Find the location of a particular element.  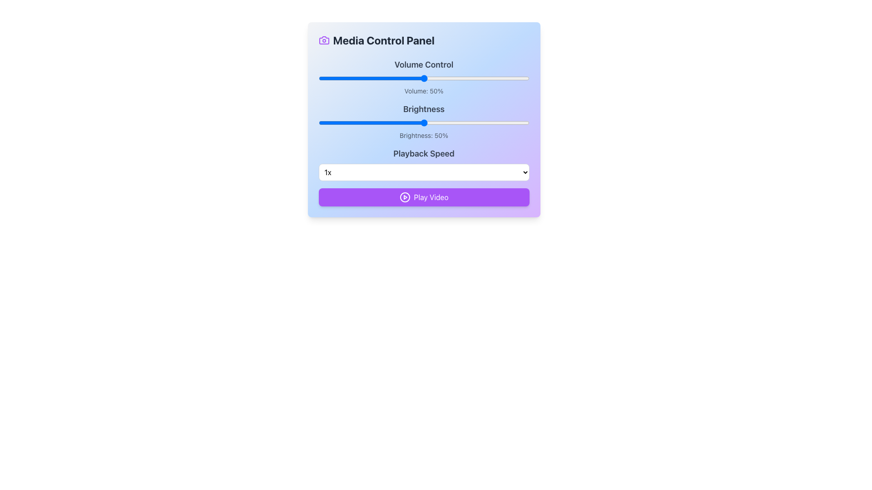

volume is located at coordinates (347, 78).